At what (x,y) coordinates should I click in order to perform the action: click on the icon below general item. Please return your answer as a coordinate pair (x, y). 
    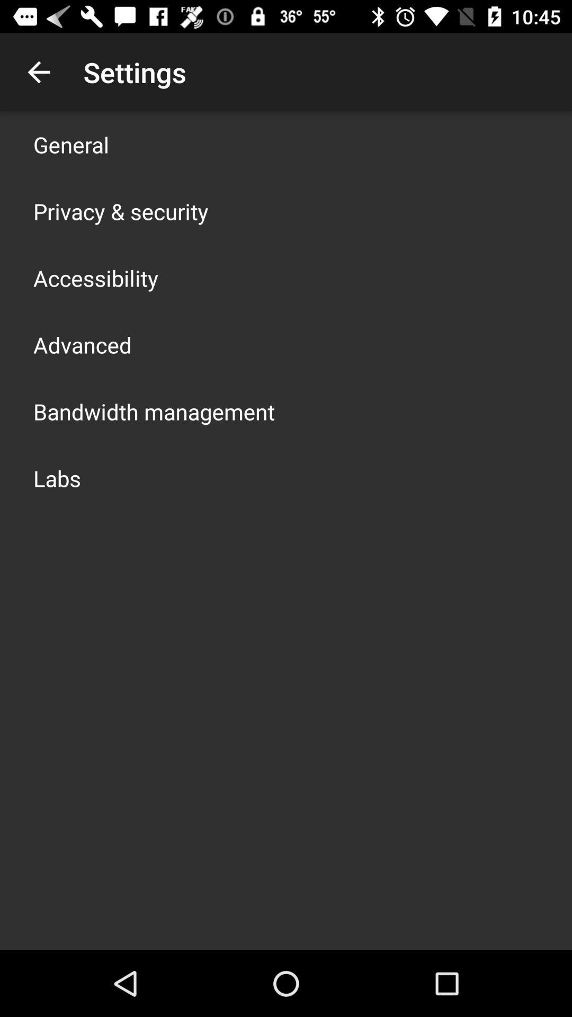
    Looking at the image, I should click on (120, 211).